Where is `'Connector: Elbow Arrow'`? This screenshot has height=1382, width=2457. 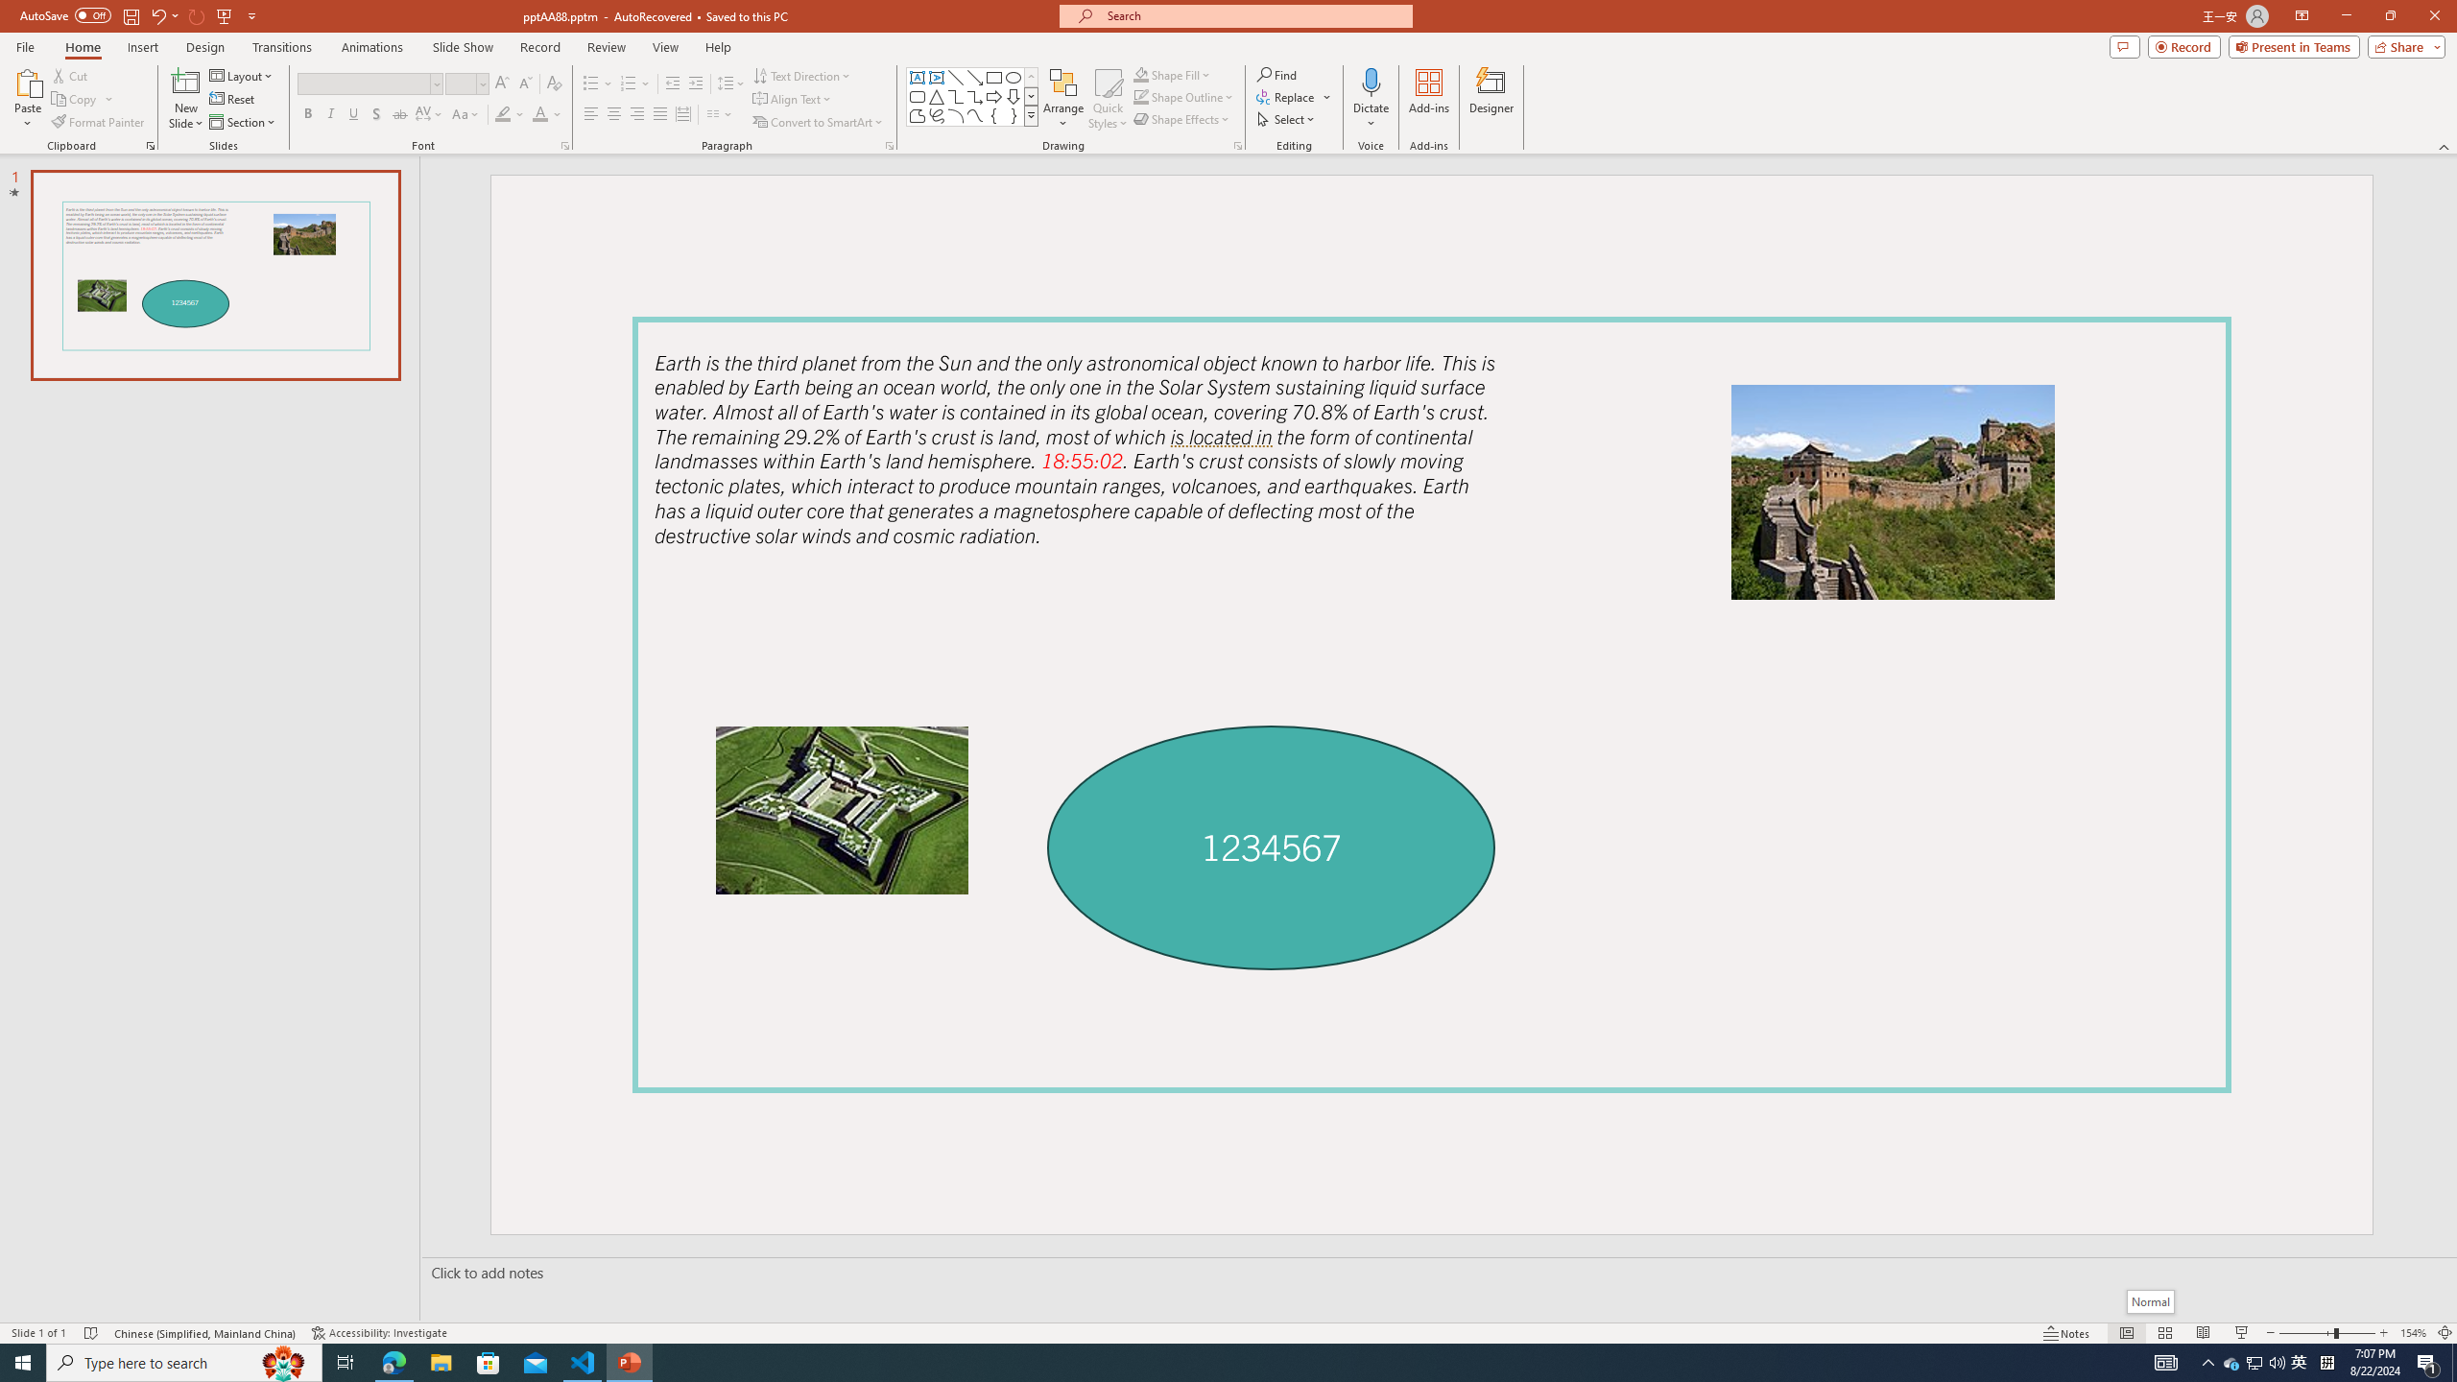
'Connector: Elbow Arrow' is located at coordinates (974, 95).